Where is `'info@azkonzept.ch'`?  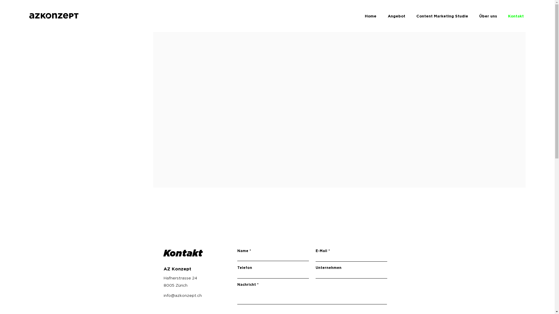
'info@azkonzept.ch' is located at coordinates (163, 295).